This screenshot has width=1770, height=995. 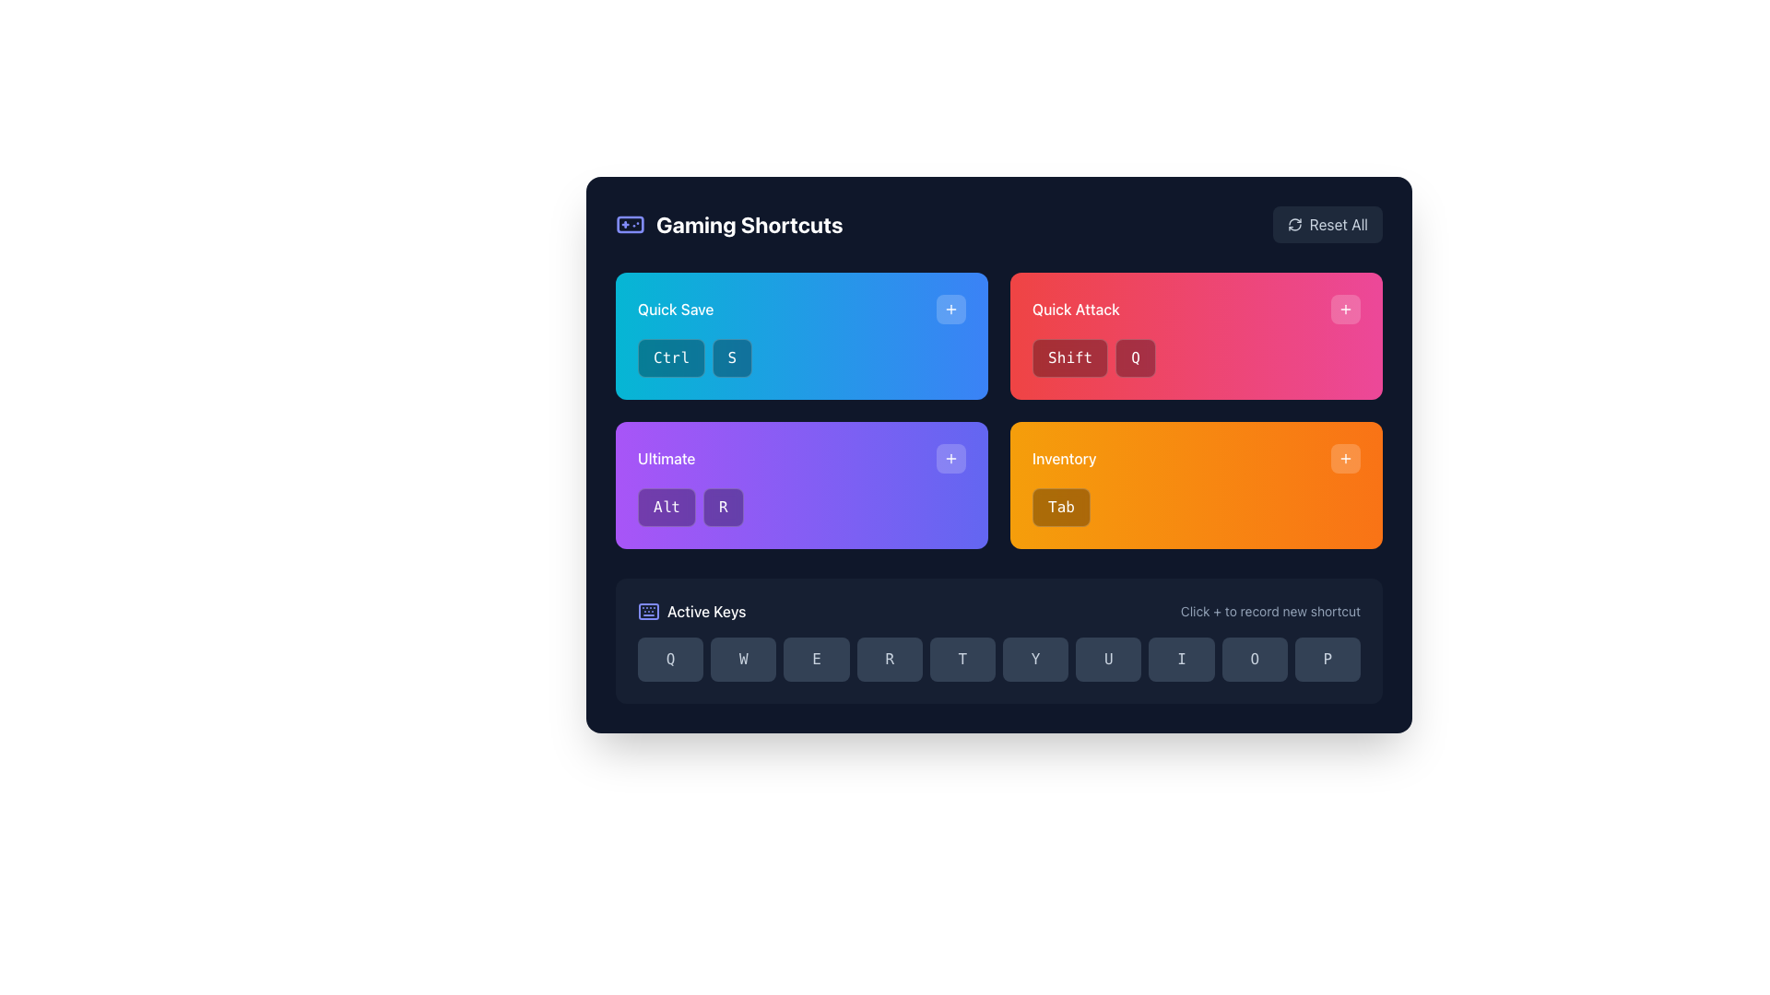 What do you see at coordinates (890, 659) in the screenshot?
I see `the 'R' key button located in the bottom section of the interface, positioned fourth from the left in the sequence of keyboard-style buttons` at bounding box center [890, 659].